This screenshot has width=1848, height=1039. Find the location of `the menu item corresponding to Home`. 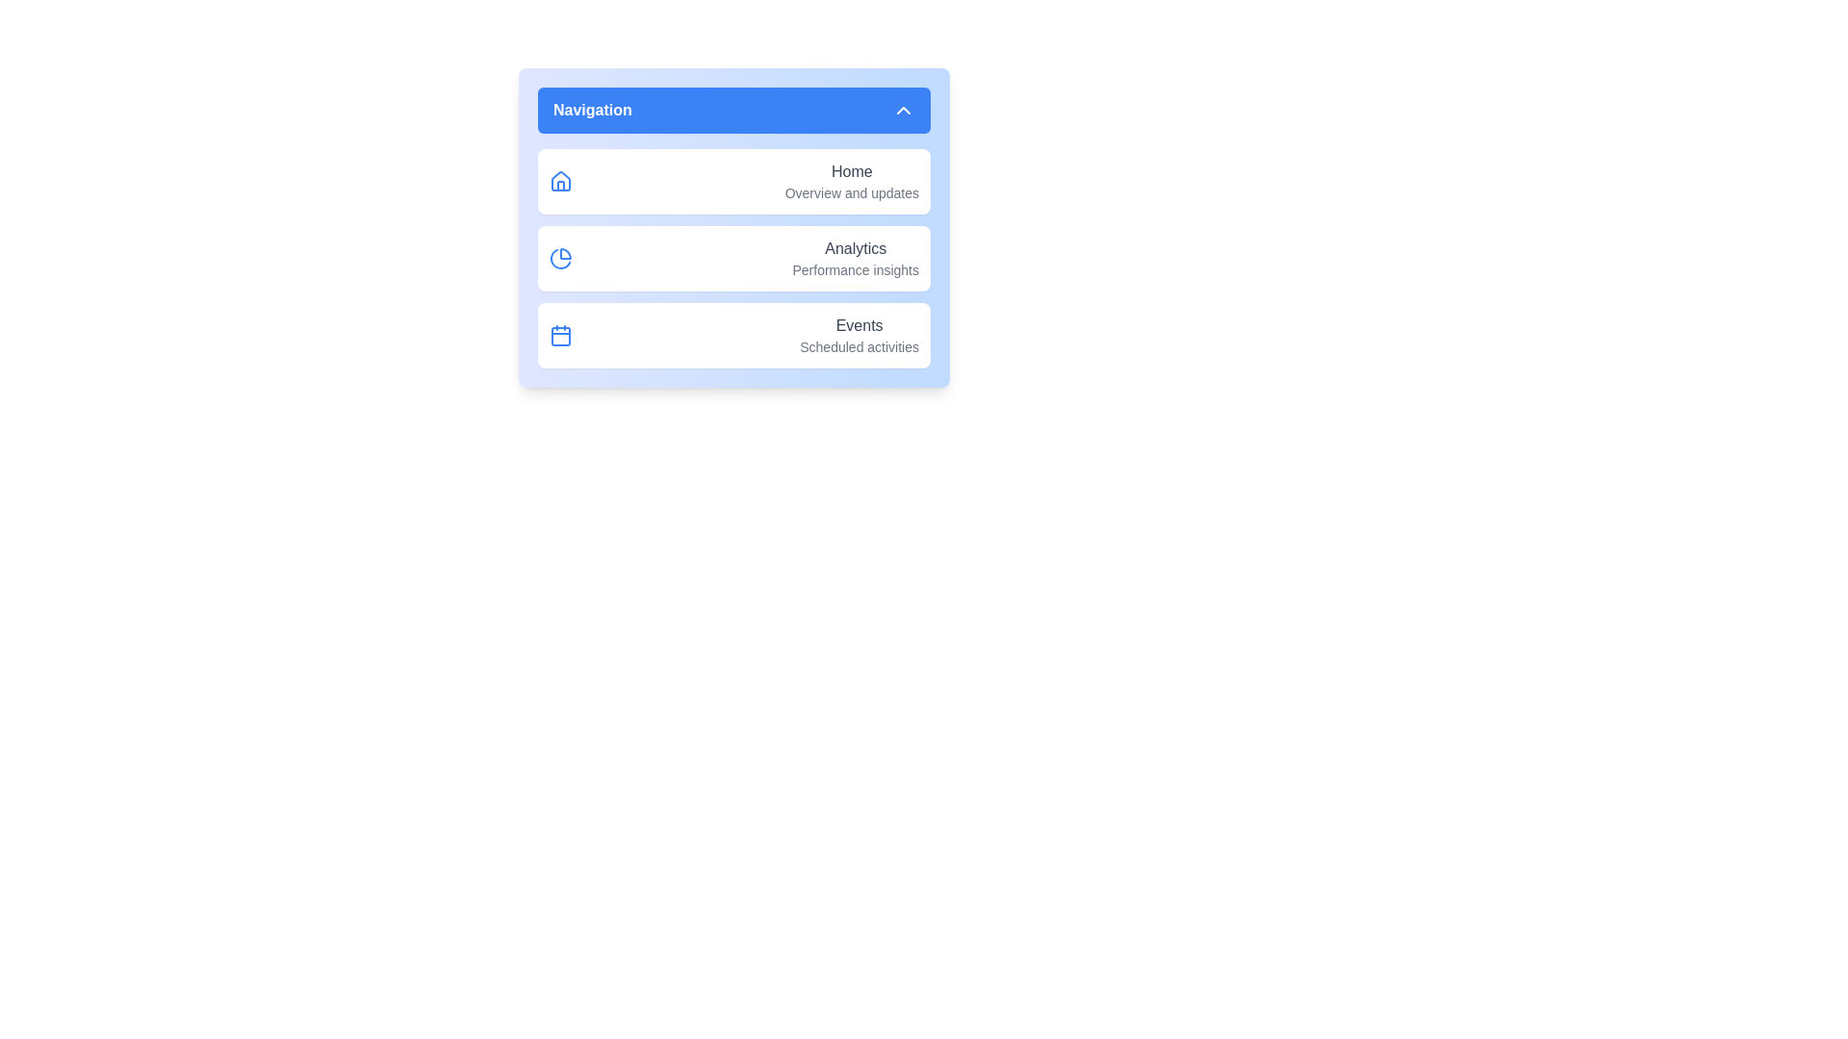

the menu item corresponding to Home is located at coordinates (590, 182).